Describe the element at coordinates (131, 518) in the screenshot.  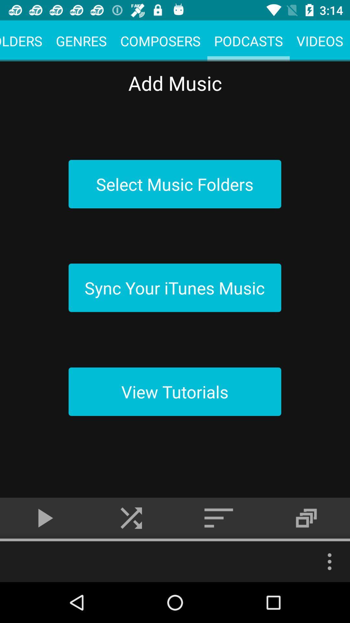
I see `the skip_next icon` at that location.